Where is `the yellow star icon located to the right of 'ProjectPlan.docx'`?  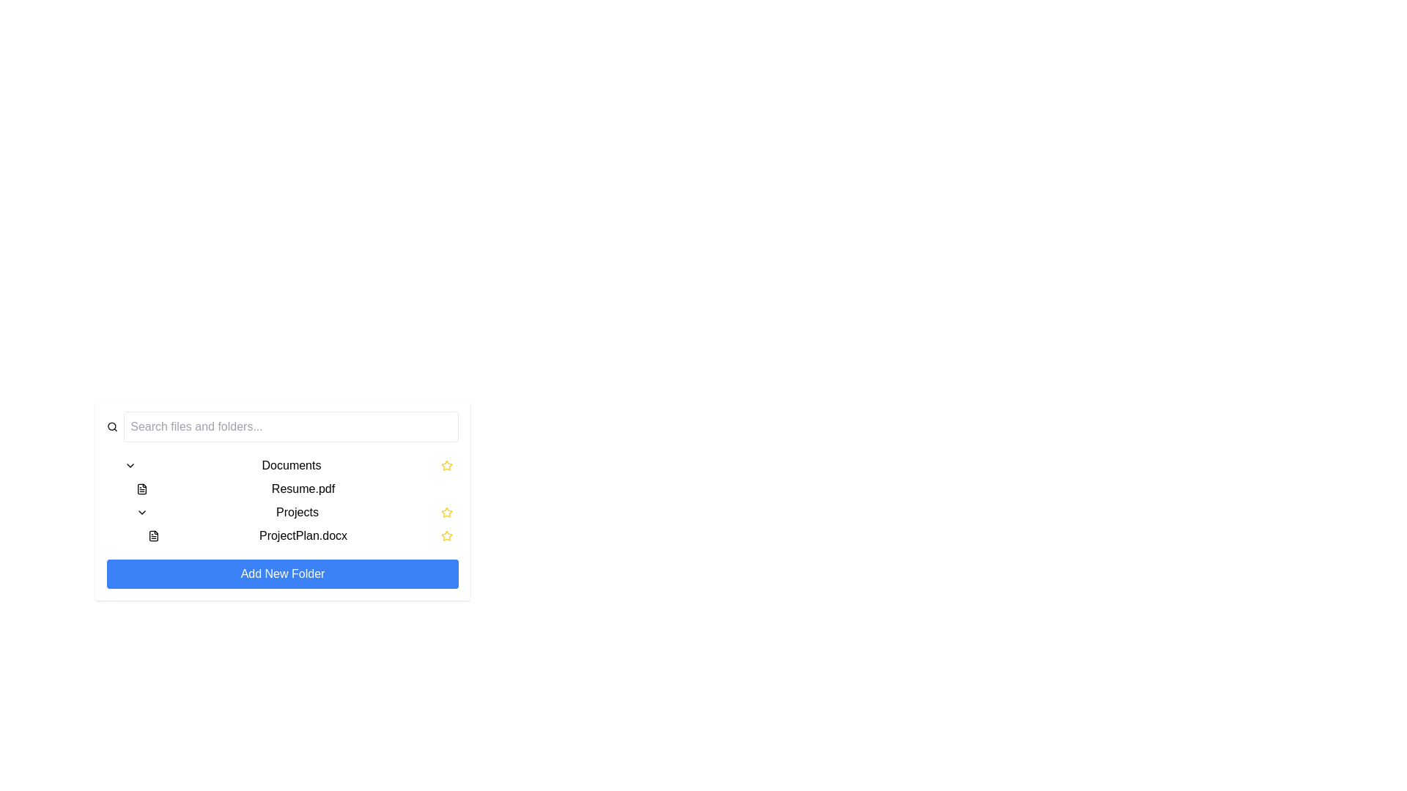 the yellow star icon located to the right of 'ProjectPlan.docx' is located at coordinates (446, 465).